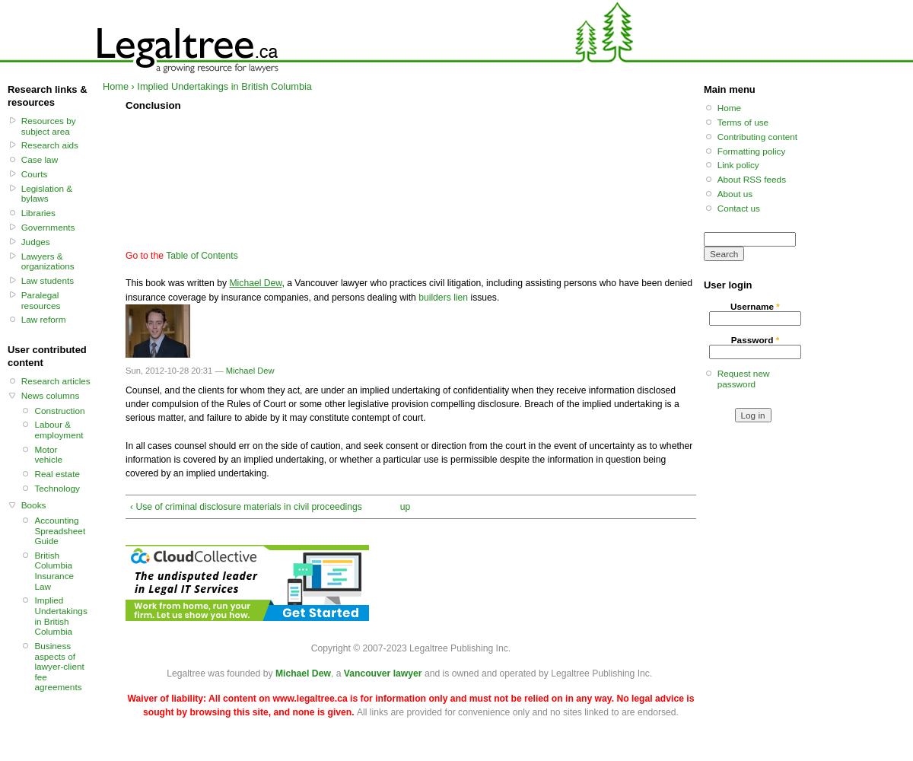 The height and width of the screenshot is (761, 913). Describe the element at coordinates (125, 458) in the screenshot. I see `'In all cases counsel should err on the side of caution, and seek consent or direction from the court in the event of uncertainty as to whether information is covered by an implied undertaking, or whether a particular use is permissible despite the information in question being covered by an implied undertaking.'` at that location.